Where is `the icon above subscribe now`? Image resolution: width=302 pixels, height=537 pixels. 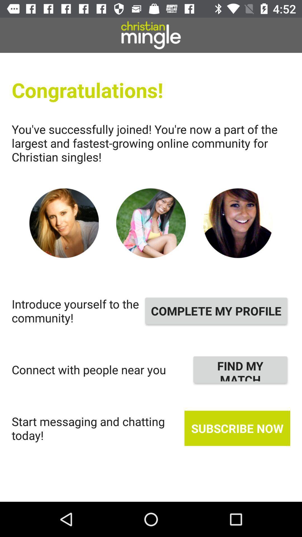 the icon above subscribe now is located at coordinates (240, 369).